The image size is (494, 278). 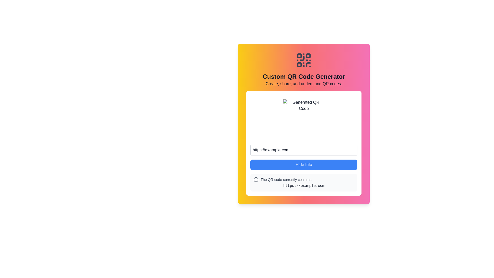 I want to click on the Static text display that shows the embedded URL from the QR code, located below the descriptive text 'The QR code currently contains:', so click(x=304, y=186).